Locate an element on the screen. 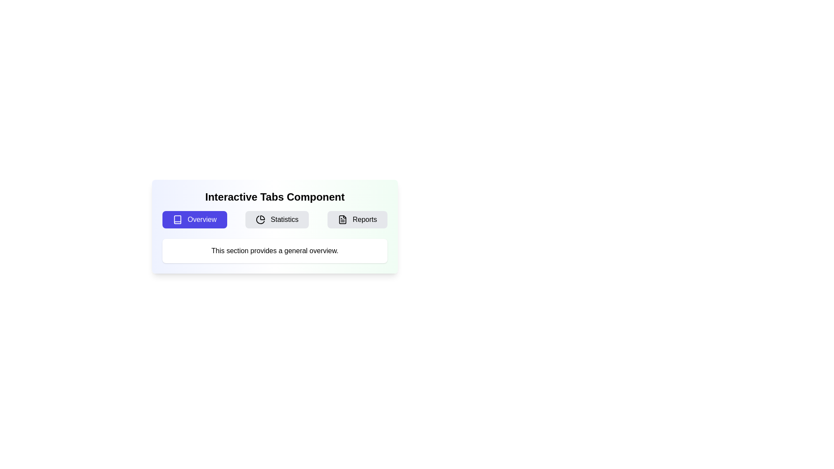 The width and height of the screenshot is (834, 469). 'Statistics' tab title label, which is the second tab in a row of three tabs, positioned between 'Overview' and 'Reports' is located at coordinates (285, 219).